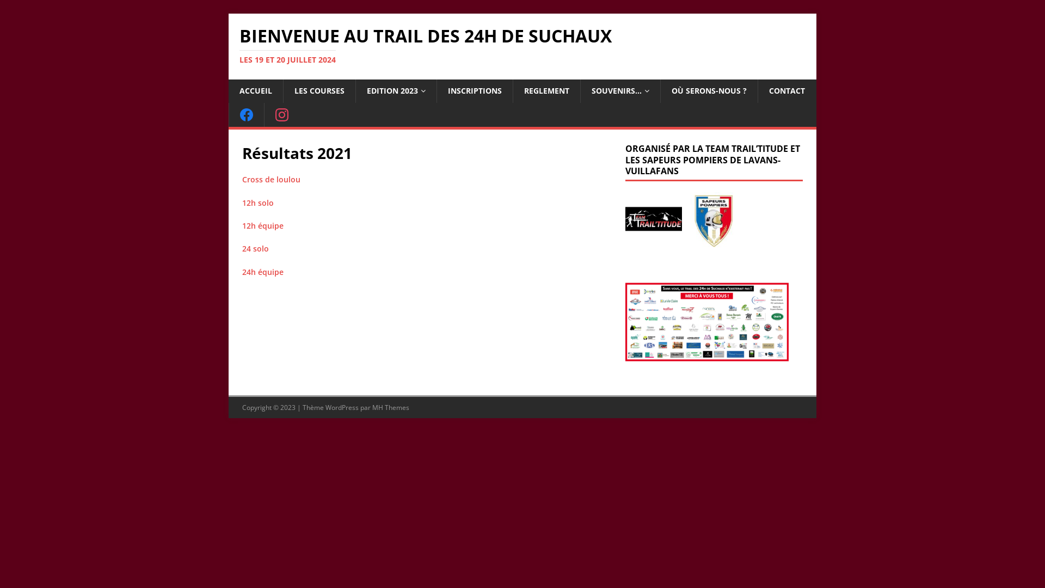 The width and height of the screenshot is (1045, 588). Describe the element at coordinates (271, 179) in the screenshot. I see `'Cross de loulou'` at that location.